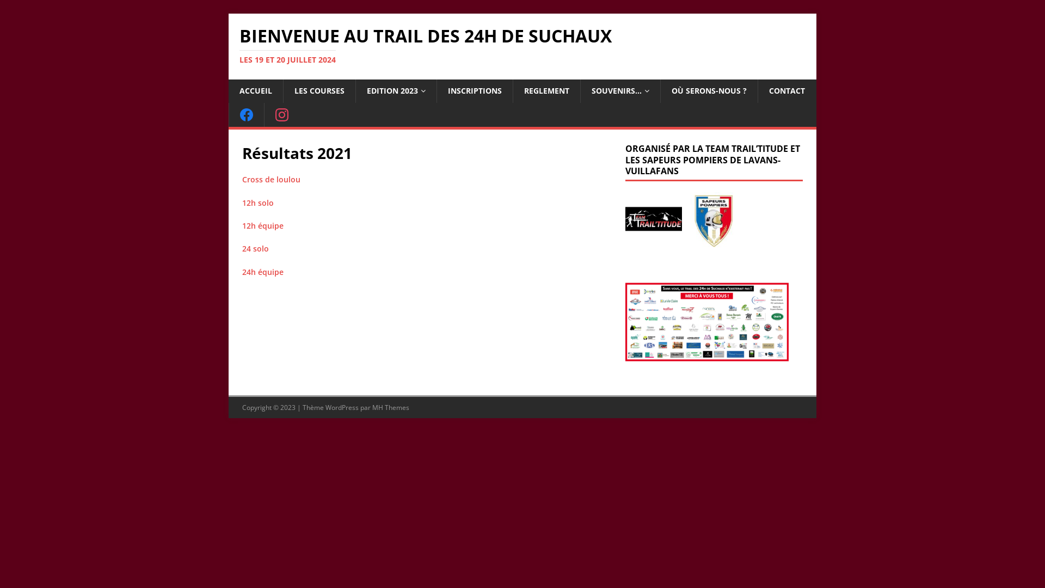 The width and height of the screenshot is (1045, 588). Describe the element at coordinates (271, 179) in the screenshot. I see `'Cross de loulou'` at that location.